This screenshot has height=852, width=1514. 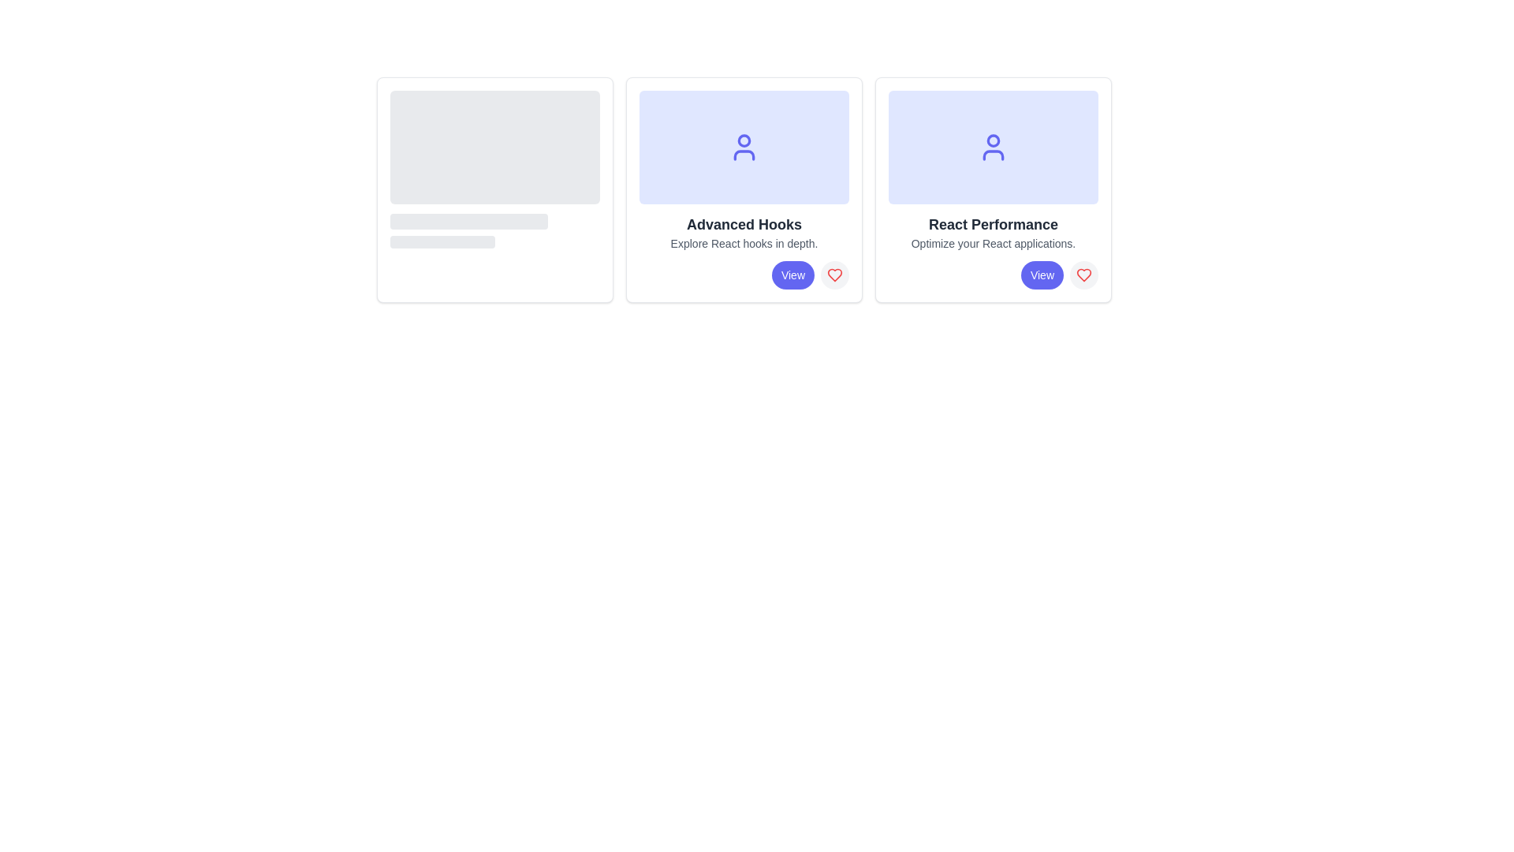 What do you see at coordinates (992, 243) in the screenshot?
I see `the text block displaying 'Optimize your React applications.' which is located beneath the title 'React Performance' in the third card of a card layout` at bounding box center [992, 243].